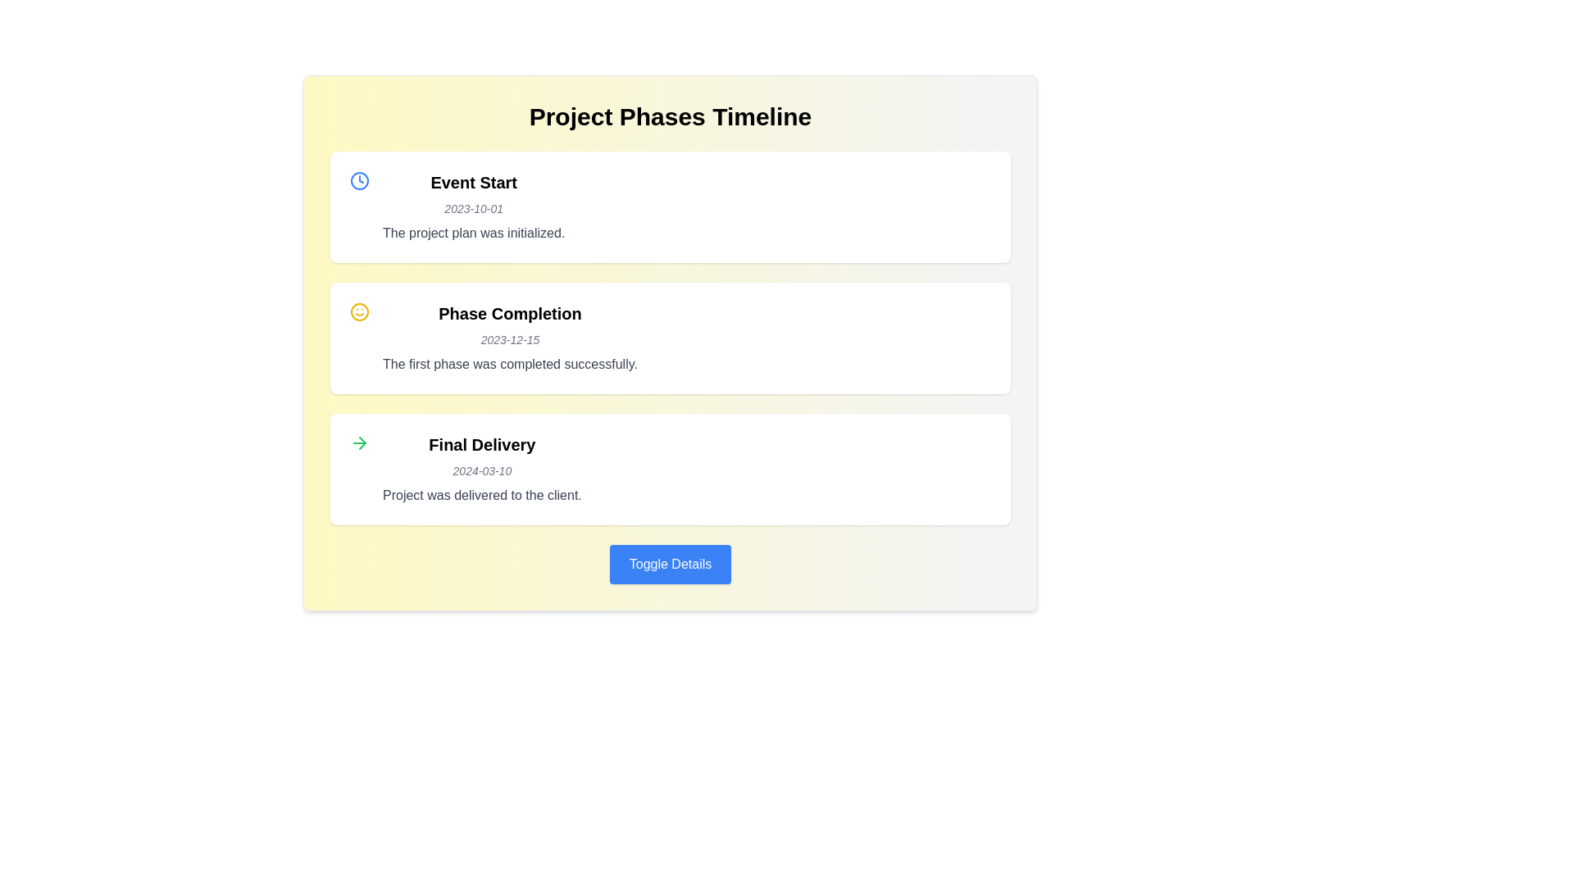  I want to click on textual content displayed as 'Project was delivered to the client.' which is a medium gray text located in the timeline interface under 'Final Delivery', so click(481, 495).